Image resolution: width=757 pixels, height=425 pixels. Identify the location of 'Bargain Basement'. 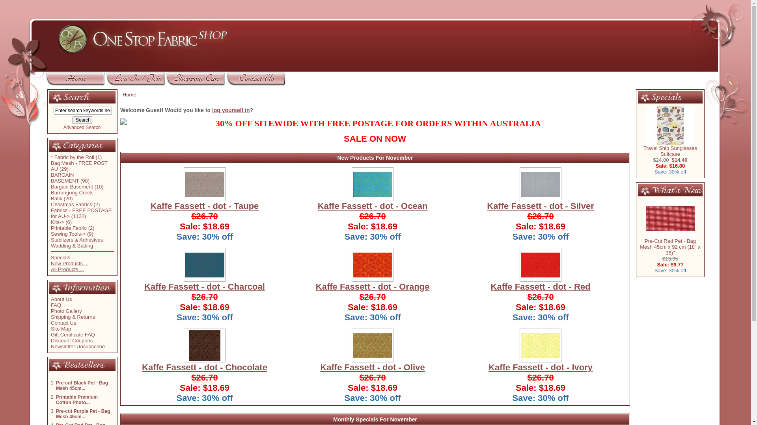
(72, 187).